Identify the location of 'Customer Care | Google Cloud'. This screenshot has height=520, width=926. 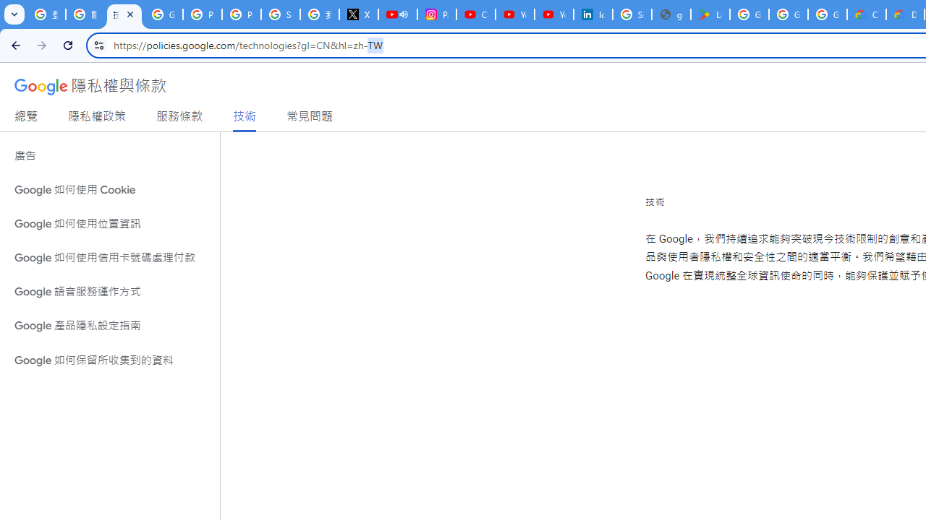
(867, 14).